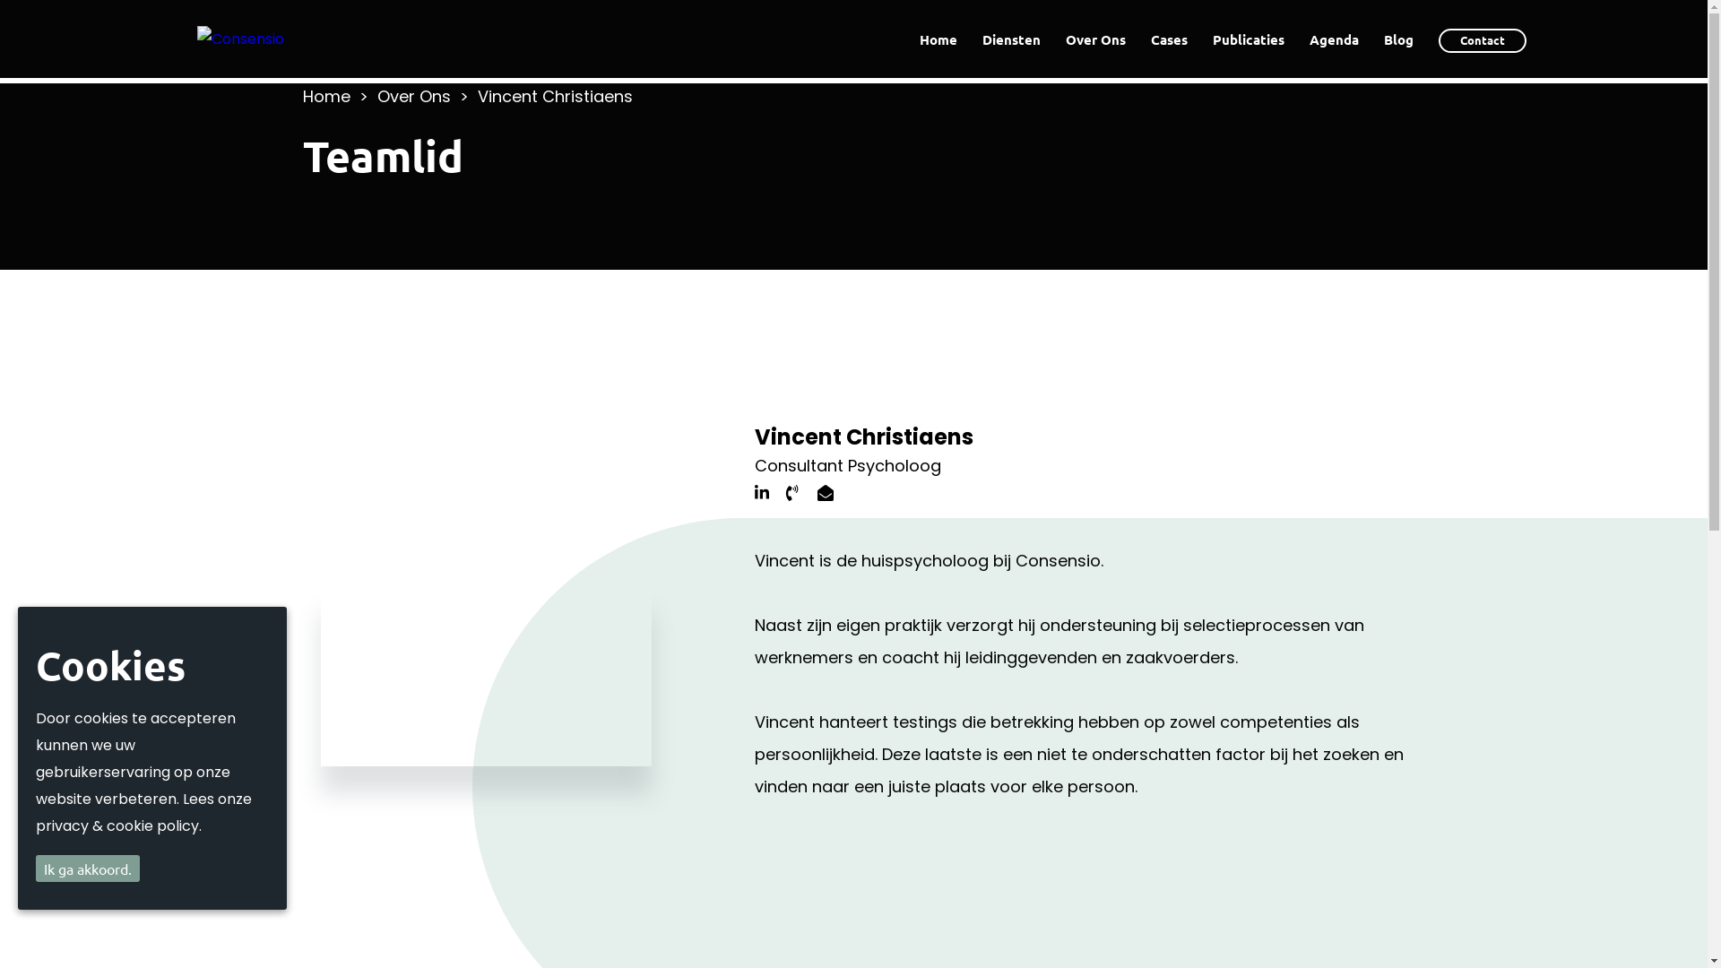 Image resolution: width=1721 pixels, height=968 pixels. I want to click on 'Diensten', so click(1011, 38).